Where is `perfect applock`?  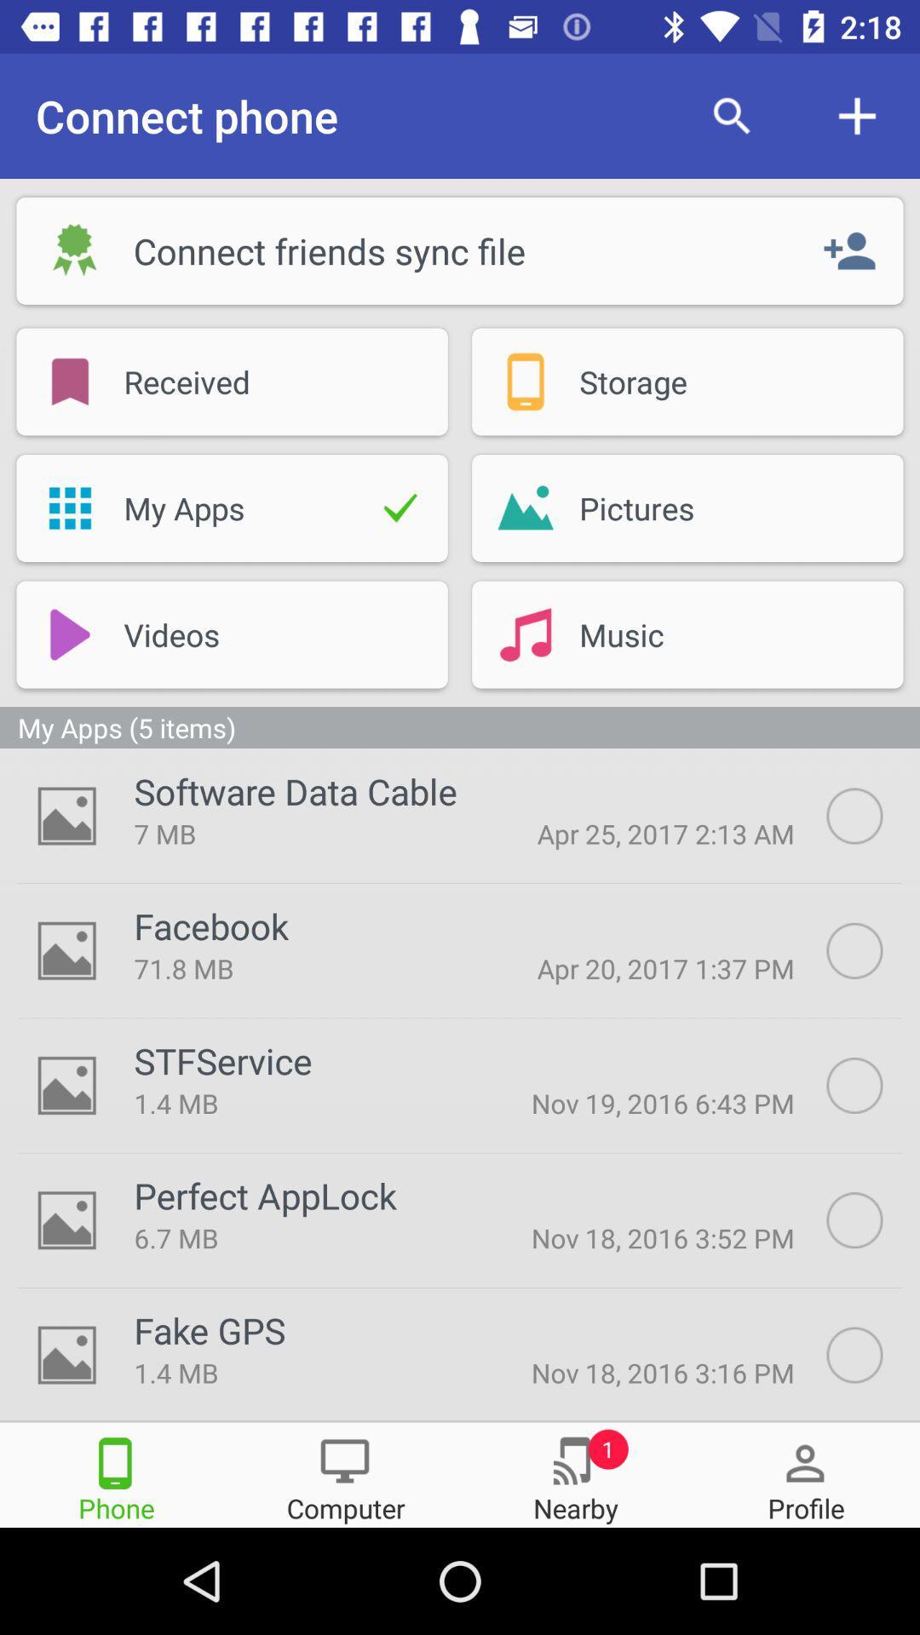 perfect applock is located at coordinates (873, 1219).